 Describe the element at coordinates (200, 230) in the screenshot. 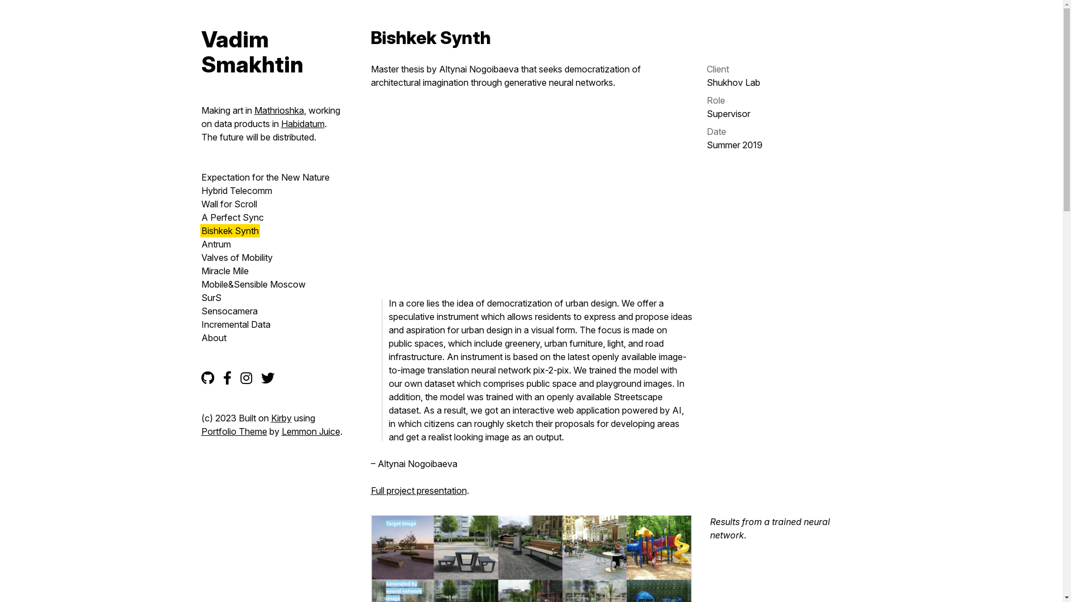

I see `'Bishkek Synth'` at that location.